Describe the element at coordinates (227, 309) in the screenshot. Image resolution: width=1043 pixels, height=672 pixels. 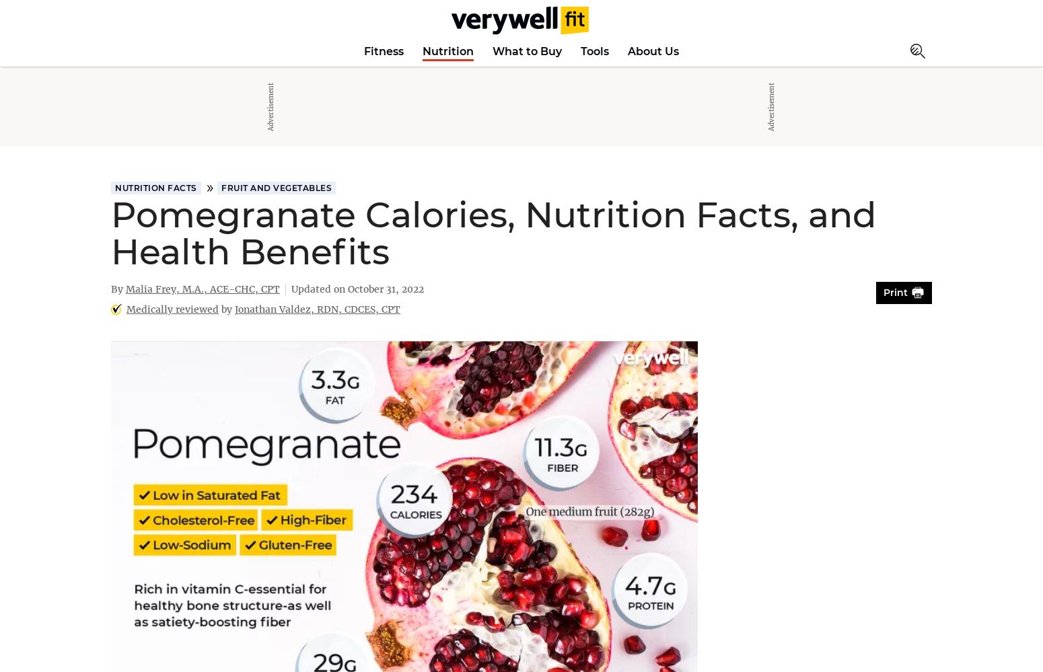
I see `'by'` at that location.